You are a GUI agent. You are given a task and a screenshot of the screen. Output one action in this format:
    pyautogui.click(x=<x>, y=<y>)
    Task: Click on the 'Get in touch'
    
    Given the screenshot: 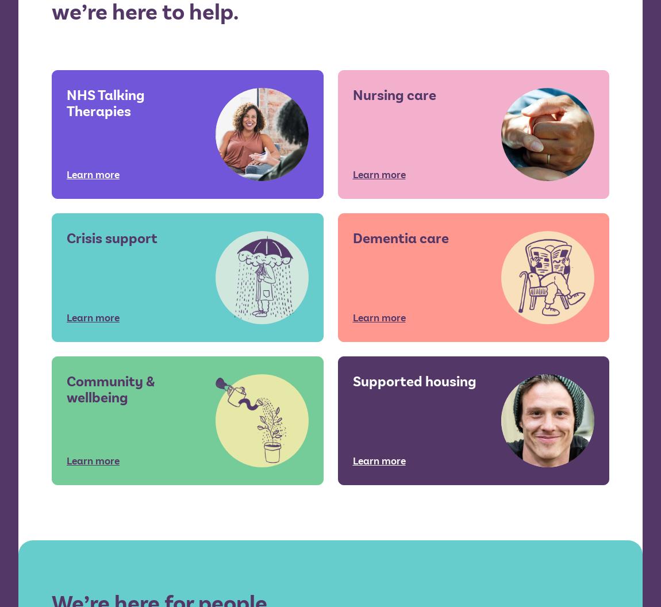 What is the action you would take?
    pyautogui.click(x=77, y=287)
    